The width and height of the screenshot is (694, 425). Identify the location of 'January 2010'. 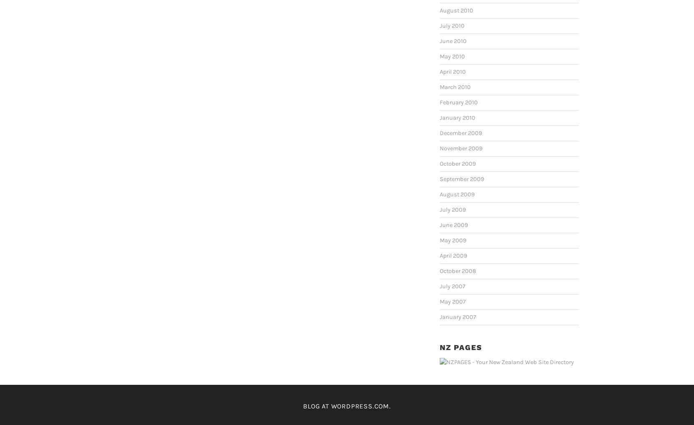
(457, 117).